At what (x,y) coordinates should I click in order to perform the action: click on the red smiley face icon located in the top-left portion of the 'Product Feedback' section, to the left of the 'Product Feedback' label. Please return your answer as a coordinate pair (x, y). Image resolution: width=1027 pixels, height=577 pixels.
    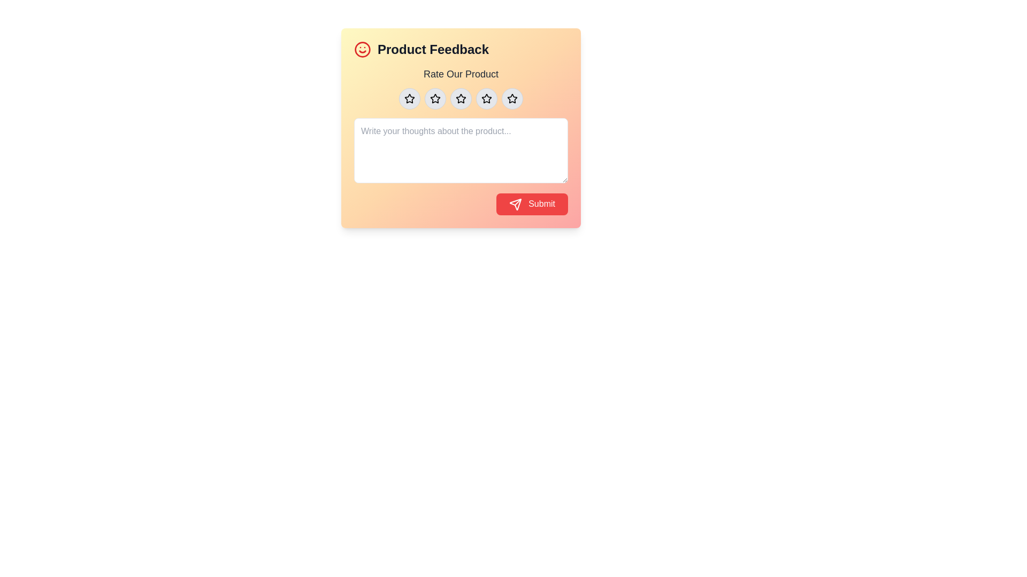
    Looking at the image, I should click on (362, 49).